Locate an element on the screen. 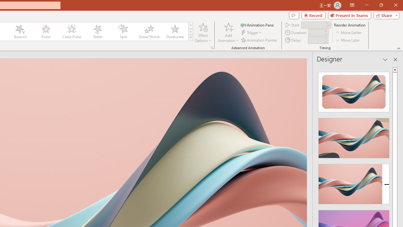 This screenshot has height=227, width=403. 'Row up' is located at coordinates (190, 25).